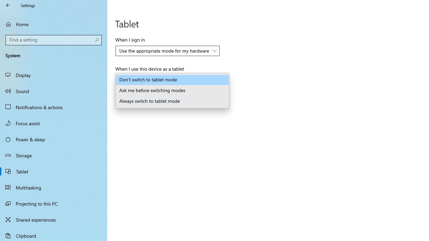 This screenshot has width=429, height=241. Describe the element at coordinates (164, 50) in the screenshot. I see `'Use the appropriate mode for my hardware'` at that location.